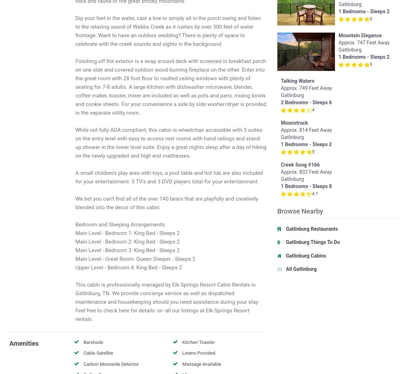 The image size is (412, 374). I want to click on 'Browse Nearby', so click(300, 221).